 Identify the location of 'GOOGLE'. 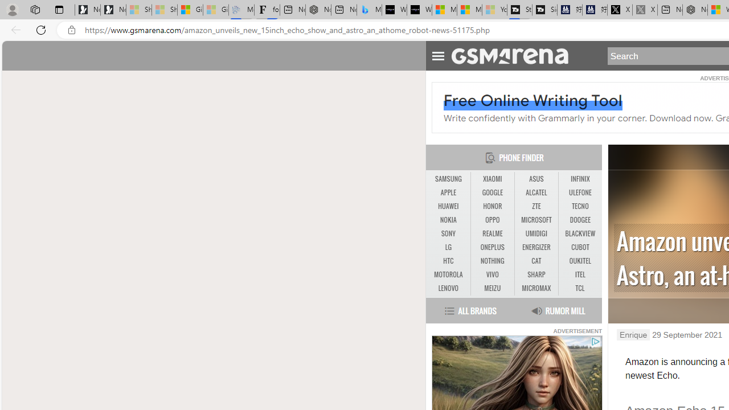
(492, 192).